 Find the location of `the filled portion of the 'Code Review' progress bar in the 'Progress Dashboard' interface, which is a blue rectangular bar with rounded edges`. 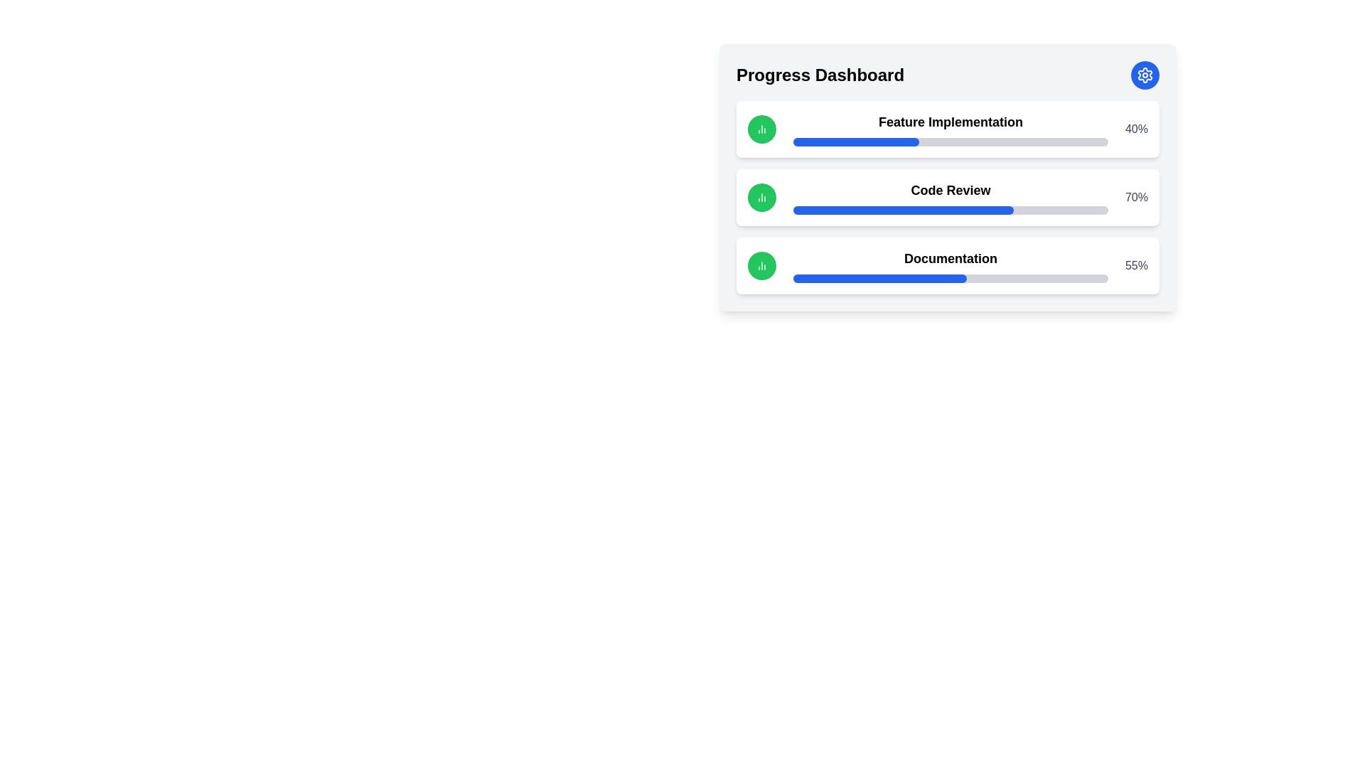

the filled portion of the 'Code Review' progress bar in the 'Progress Dashboard' interface, which is a blue rectangular bar with rounded edges is located at coordinates (903, 210).